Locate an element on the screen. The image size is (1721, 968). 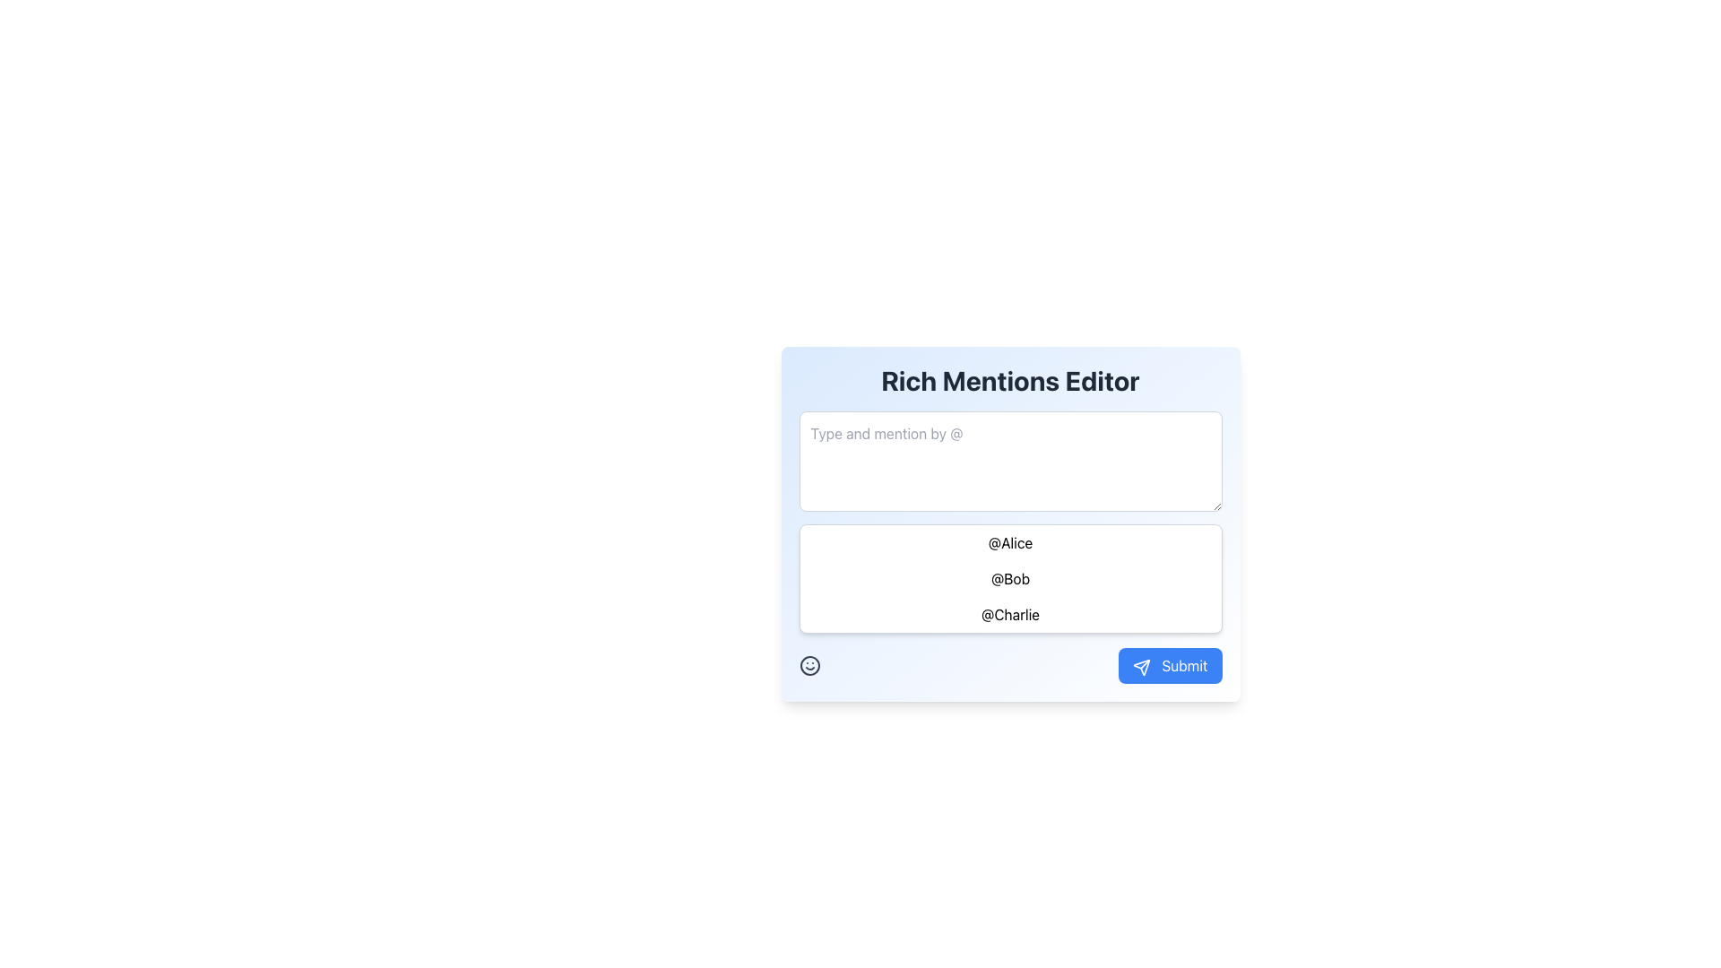
the displayed text '@Charlie' in the text label with a blue background, positioned vertically below '@Bob' and above the blue 'Submit' button is located at coordinates (1010, 614).